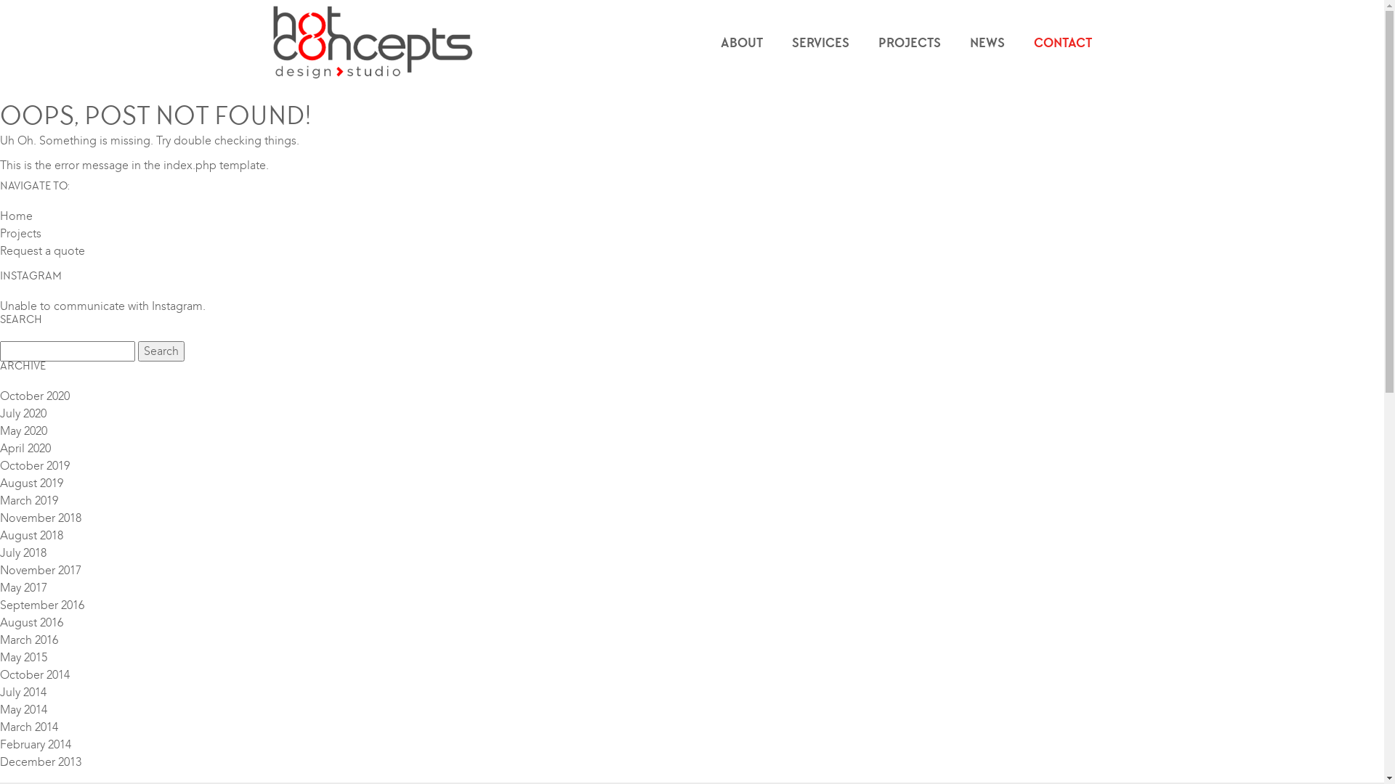 The width and height of the screenshot is (1395, 784). What do you see at coordinates (23, 430) in the screenshot?
I see `'May 2020'` at bounding box center [23, 430].